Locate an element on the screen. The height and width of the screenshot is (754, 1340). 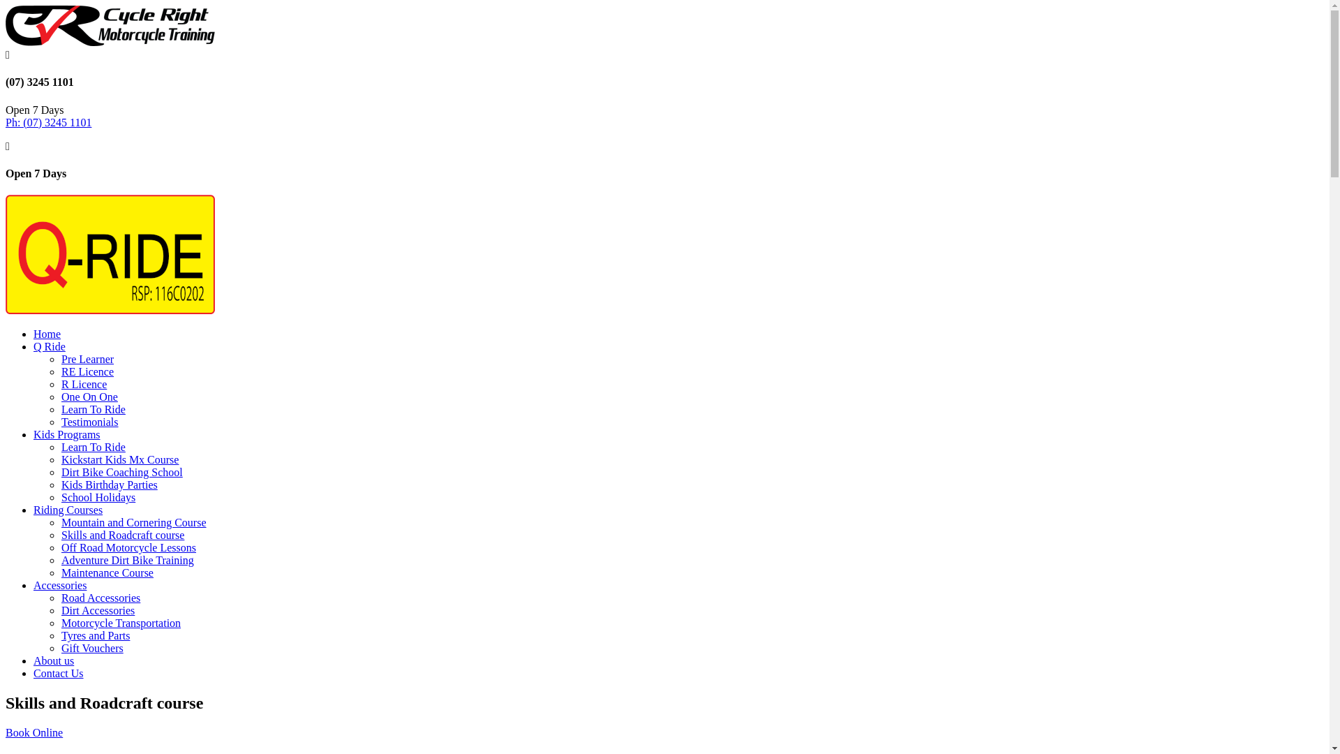
'School Holidays' is located at coordinates (97, 496).